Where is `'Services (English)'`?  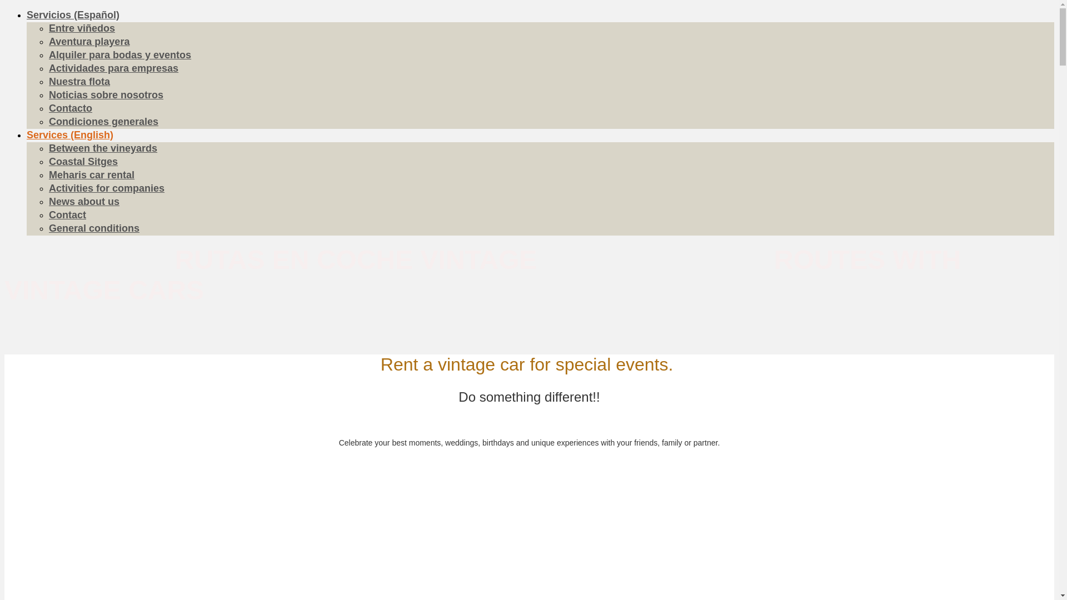 'Services (English)' is located at coordinates (69, 134).